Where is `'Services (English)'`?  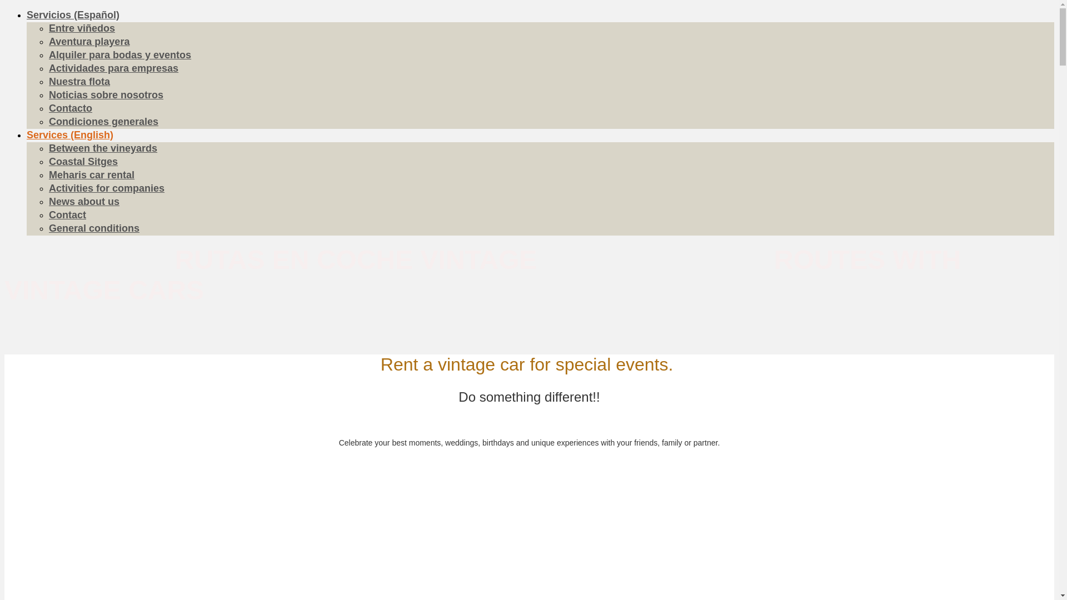 'Services (English)' is located at coordinates (69, 134).